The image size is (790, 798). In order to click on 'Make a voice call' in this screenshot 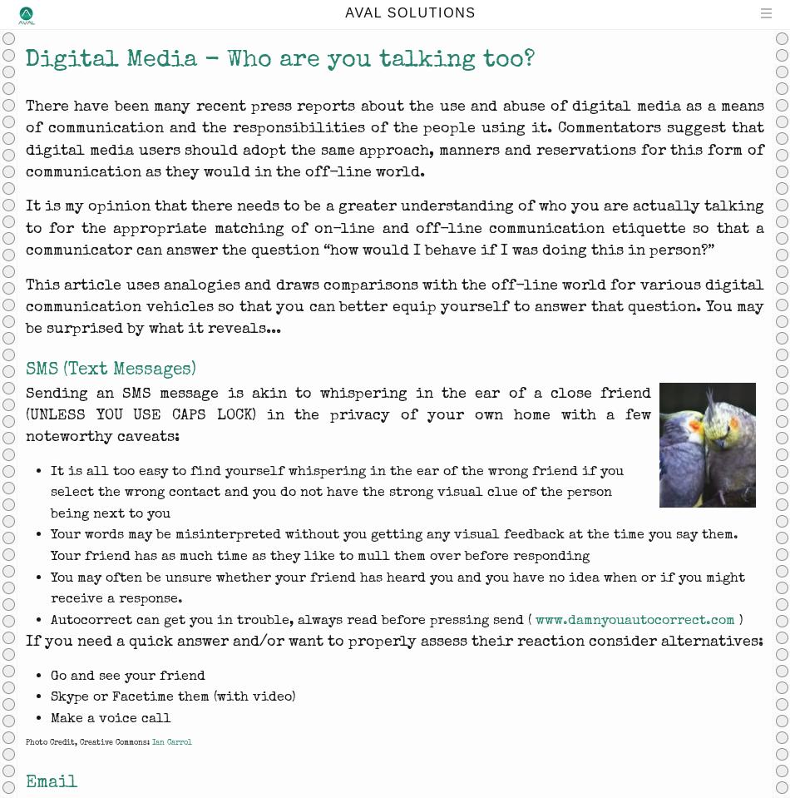, I will do `click(111, 717)`.